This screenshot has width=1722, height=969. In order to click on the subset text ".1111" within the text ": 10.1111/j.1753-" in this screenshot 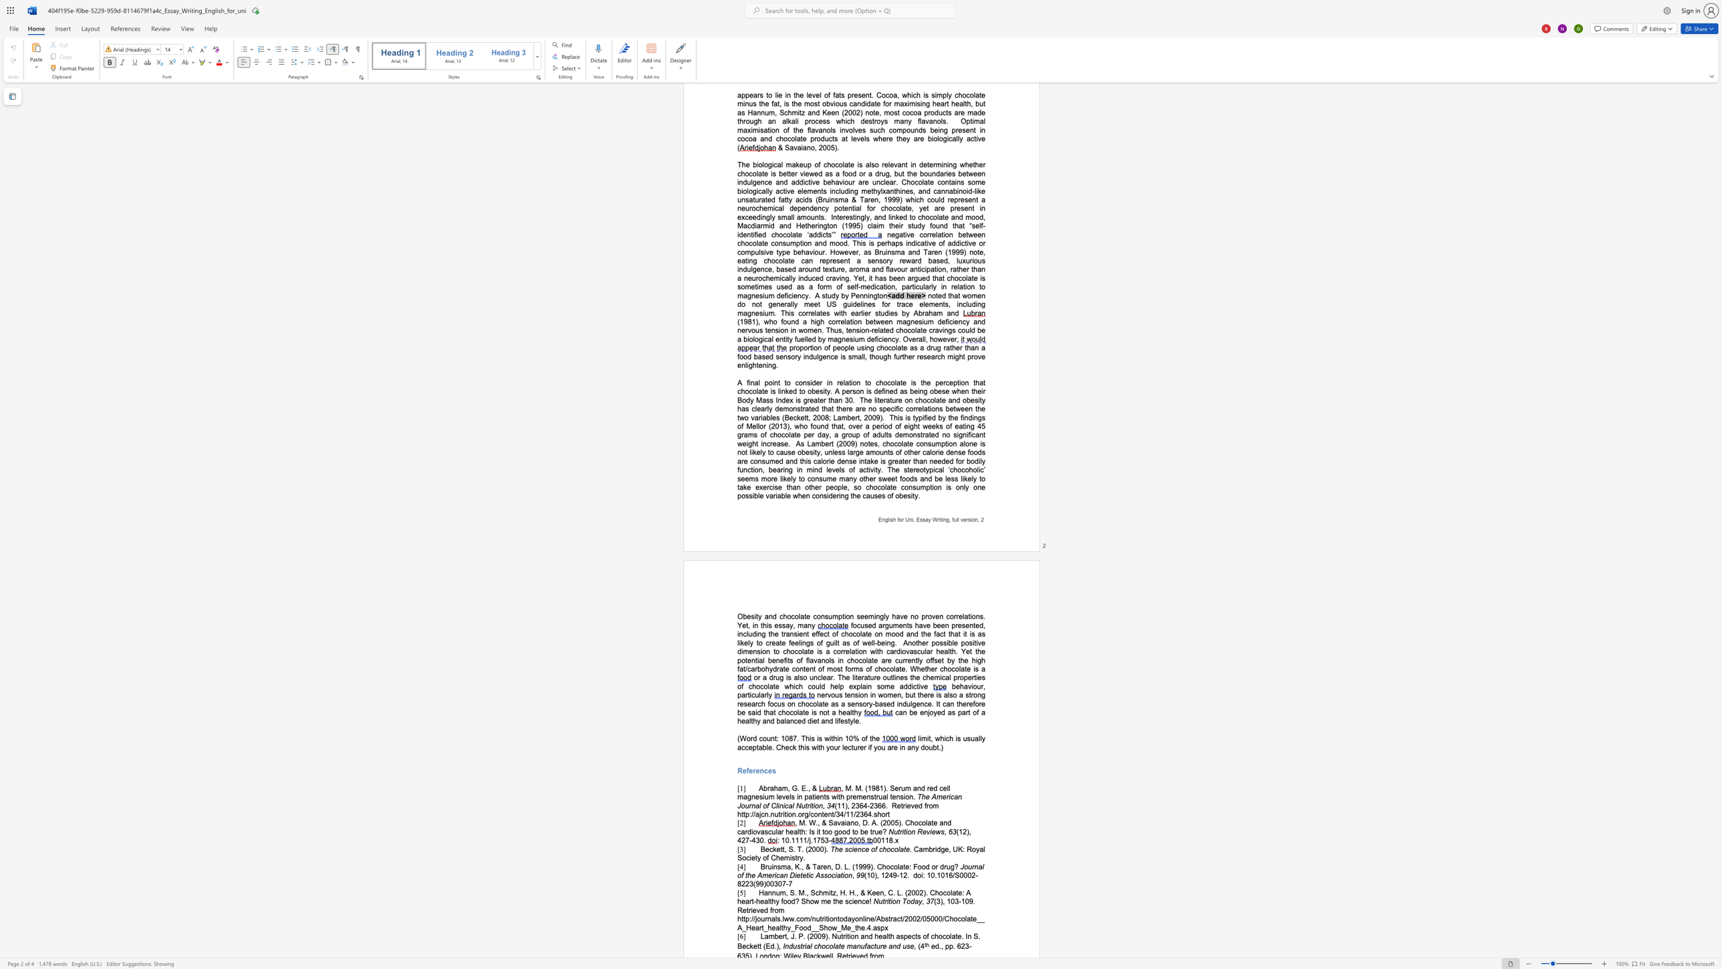, I will do `click(789, 840)`.